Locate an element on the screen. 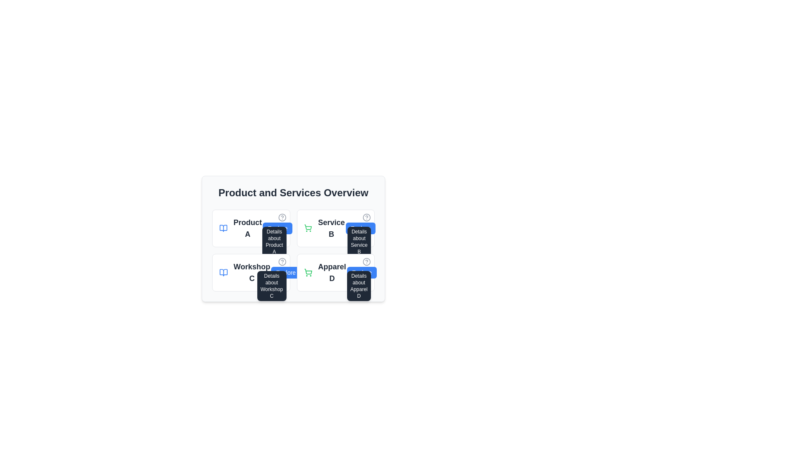  the blue rectangular button with rounded corners labeled 'Explore' located in the 'Apparel D' section is located at coordinates (362, 272).